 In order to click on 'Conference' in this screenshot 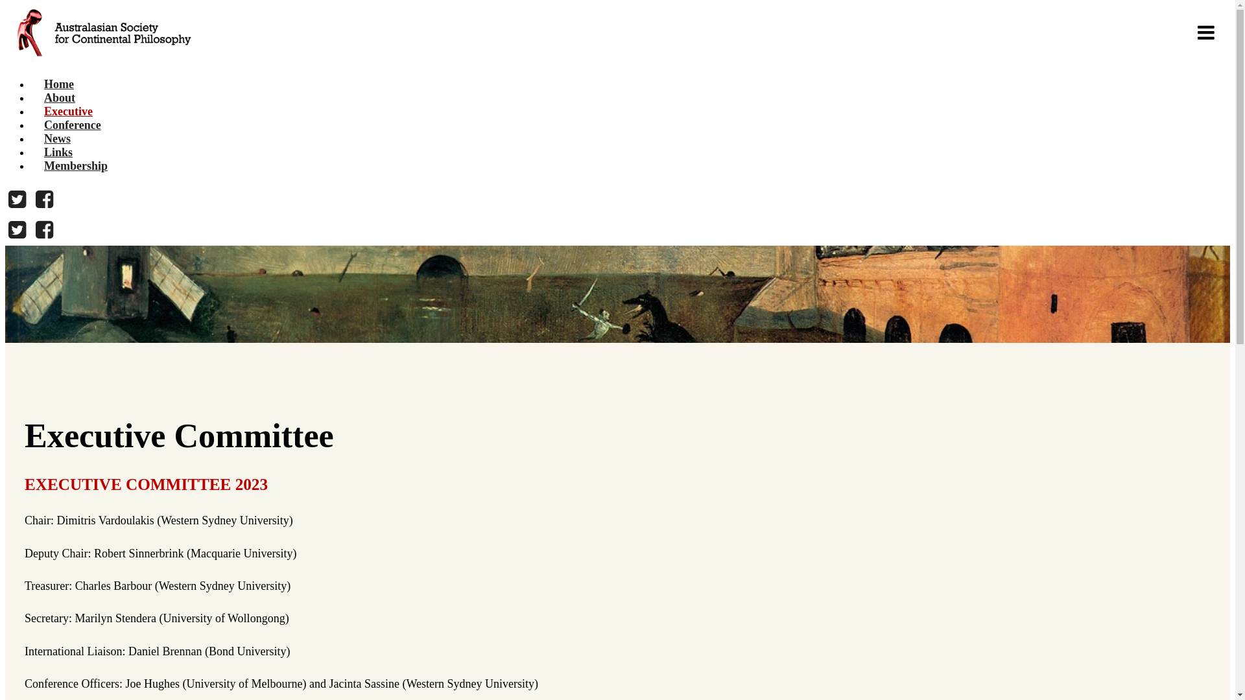, I will do `click(71, 124)`.